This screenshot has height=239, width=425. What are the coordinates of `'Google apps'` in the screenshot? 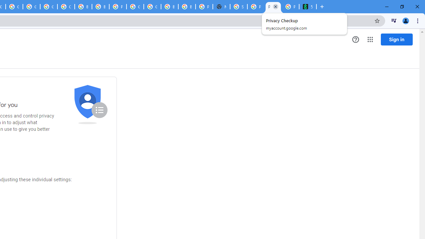 It's located at (370, 40).